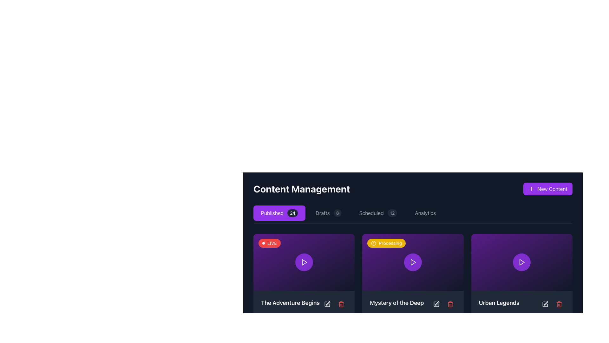 The width and height of the screenshot is (609, 343). What do you see at coordinates (341, 304) in the screenshot?
I see `the delete button located at the end of the options row beneath the card titled 'The Adventure Begins' in the Published section of the Content Management interface to observe its hover effects` at bounding box center [341, 304].